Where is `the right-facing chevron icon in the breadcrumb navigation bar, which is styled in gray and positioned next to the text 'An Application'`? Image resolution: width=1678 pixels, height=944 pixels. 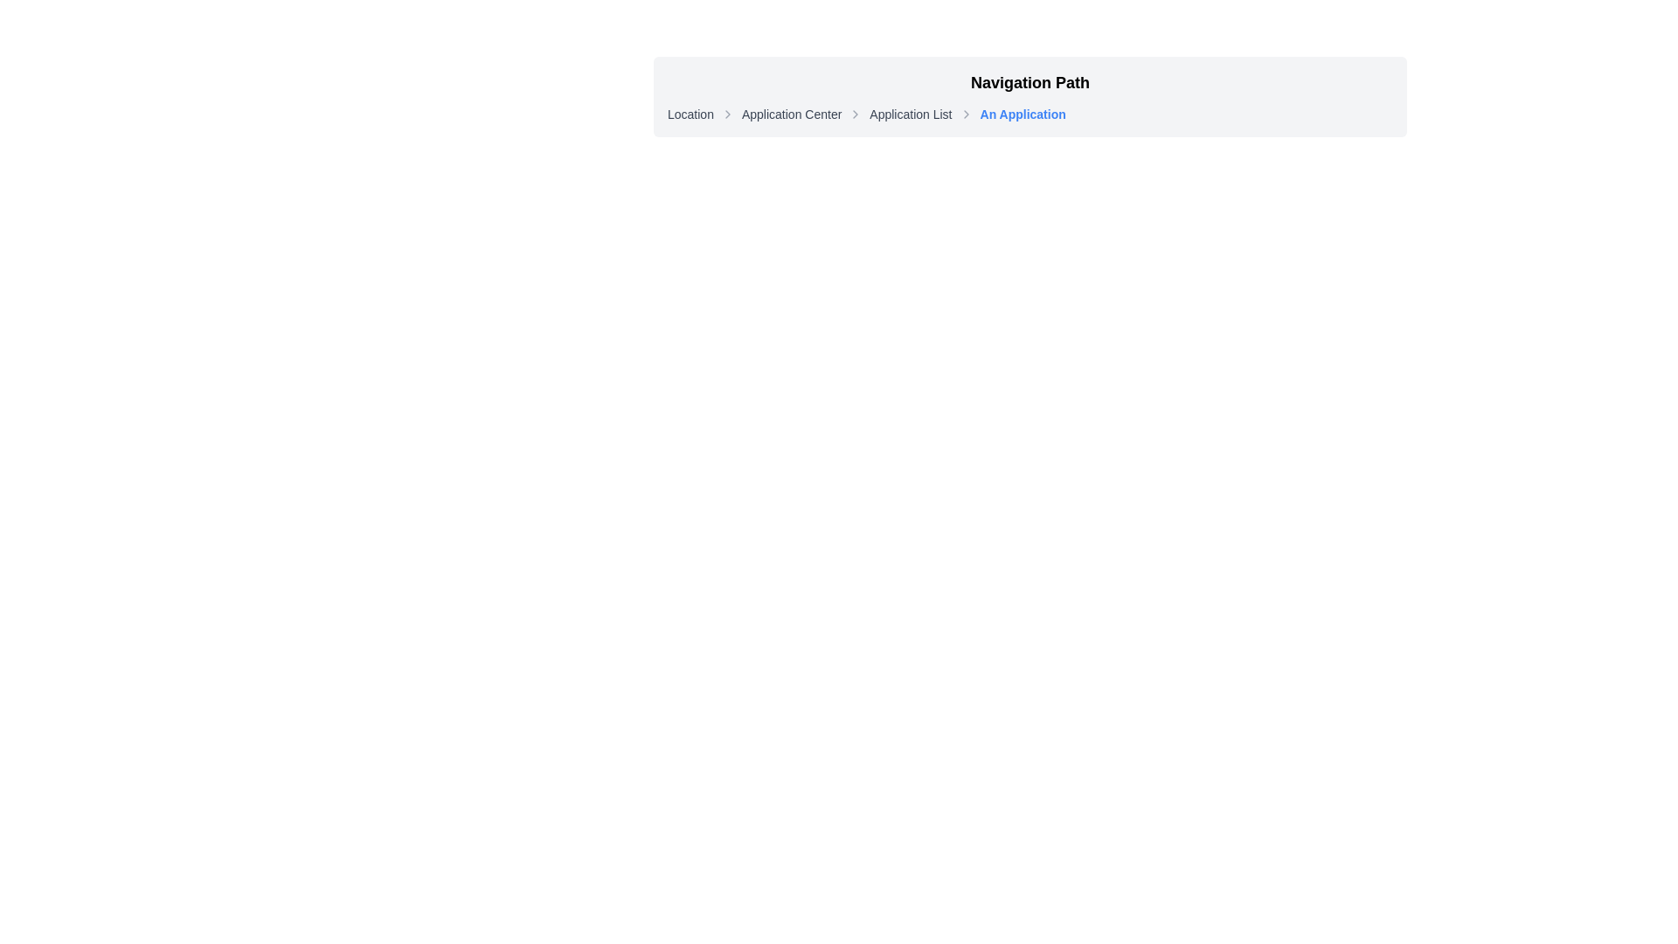
the right-facing chevron icon in the breadcrumb navigation bar, which is styled in gray and positioned next to the text 'An Application' is located at coordinates (965, 115).